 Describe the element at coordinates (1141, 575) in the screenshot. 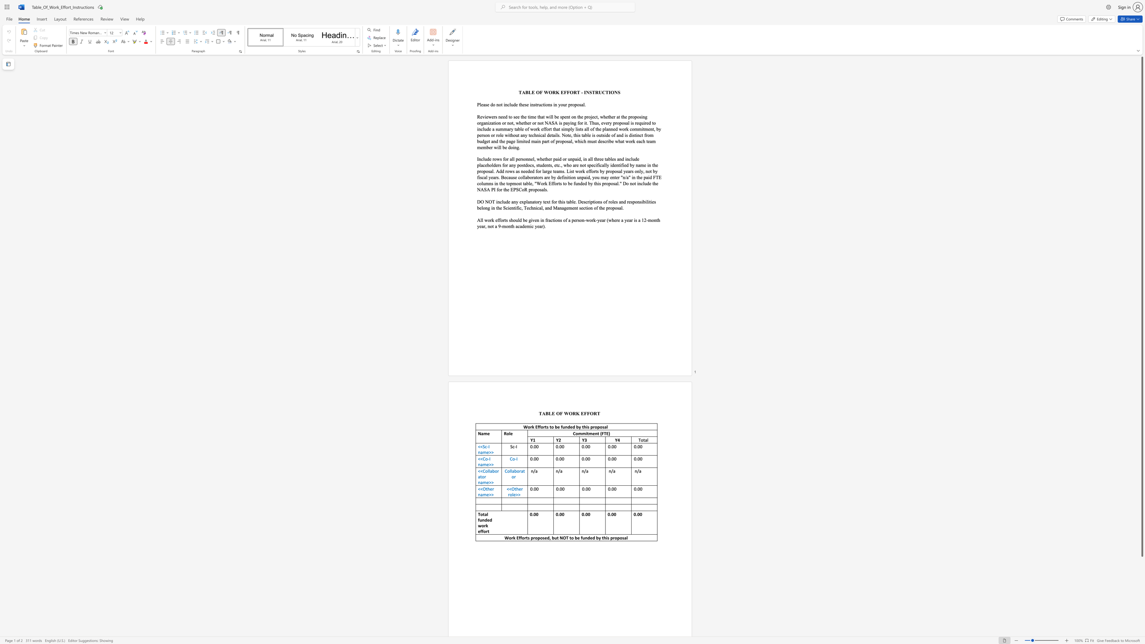

I see `the scrollbar on the right to shift the page lower` at that location.